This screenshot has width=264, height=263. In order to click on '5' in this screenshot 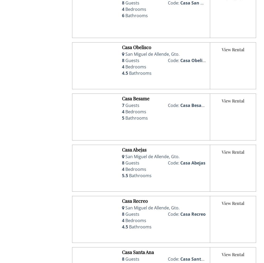, I will do `click(123, 118)`.